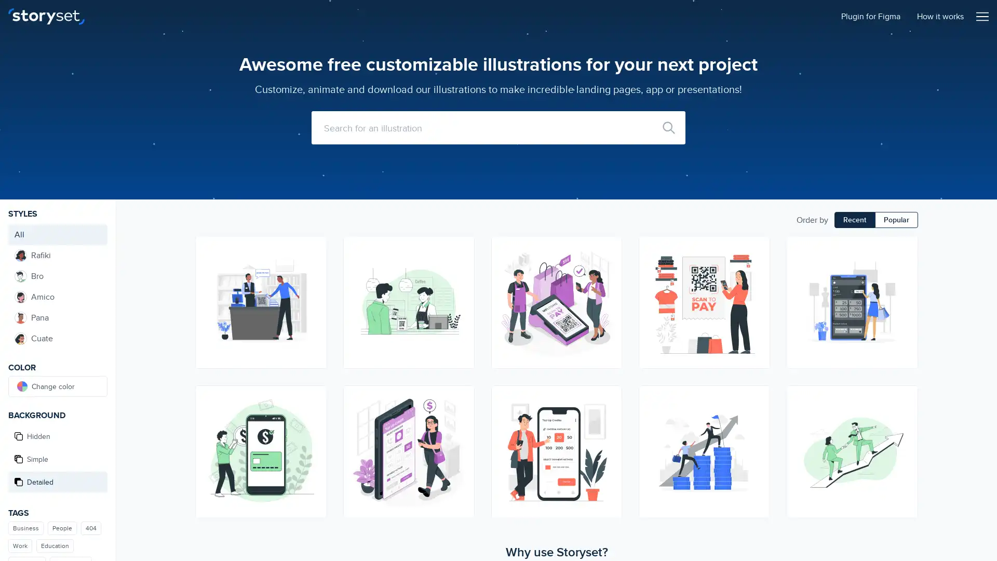 This screenshot has height=561, width=997. I want to click on Pinterest icon Save, so click(904, 435).